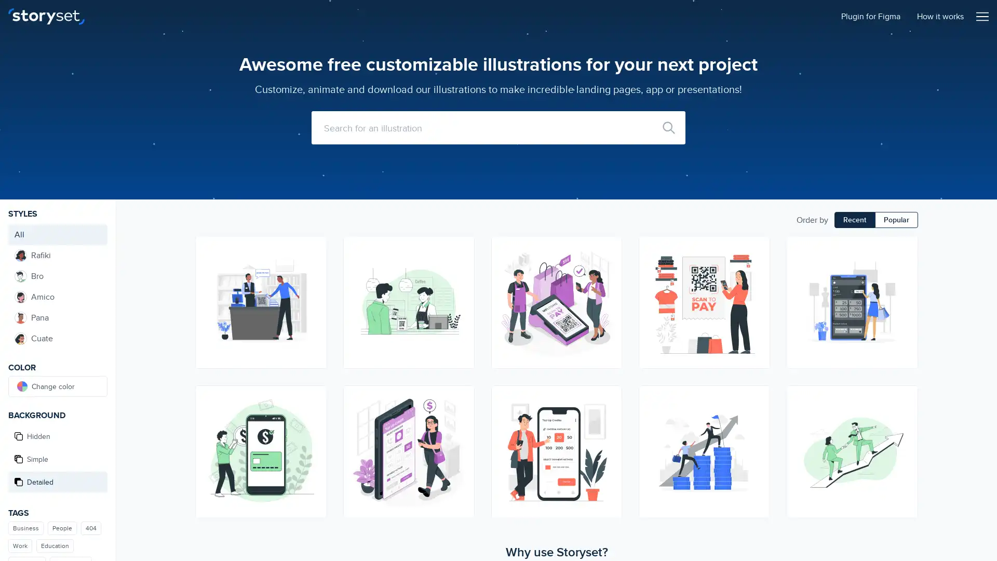 This screenshot has height=561, width=997. I want to click on Pinterest icon Save, so click(904, 435).